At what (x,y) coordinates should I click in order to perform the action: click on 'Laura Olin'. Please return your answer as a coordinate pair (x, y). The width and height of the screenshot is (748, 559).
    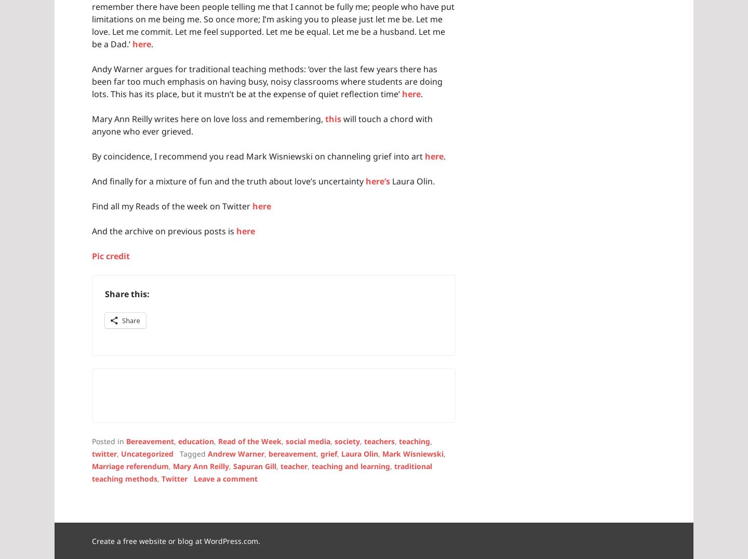
    Looking at the image, I should click on (340, 453).